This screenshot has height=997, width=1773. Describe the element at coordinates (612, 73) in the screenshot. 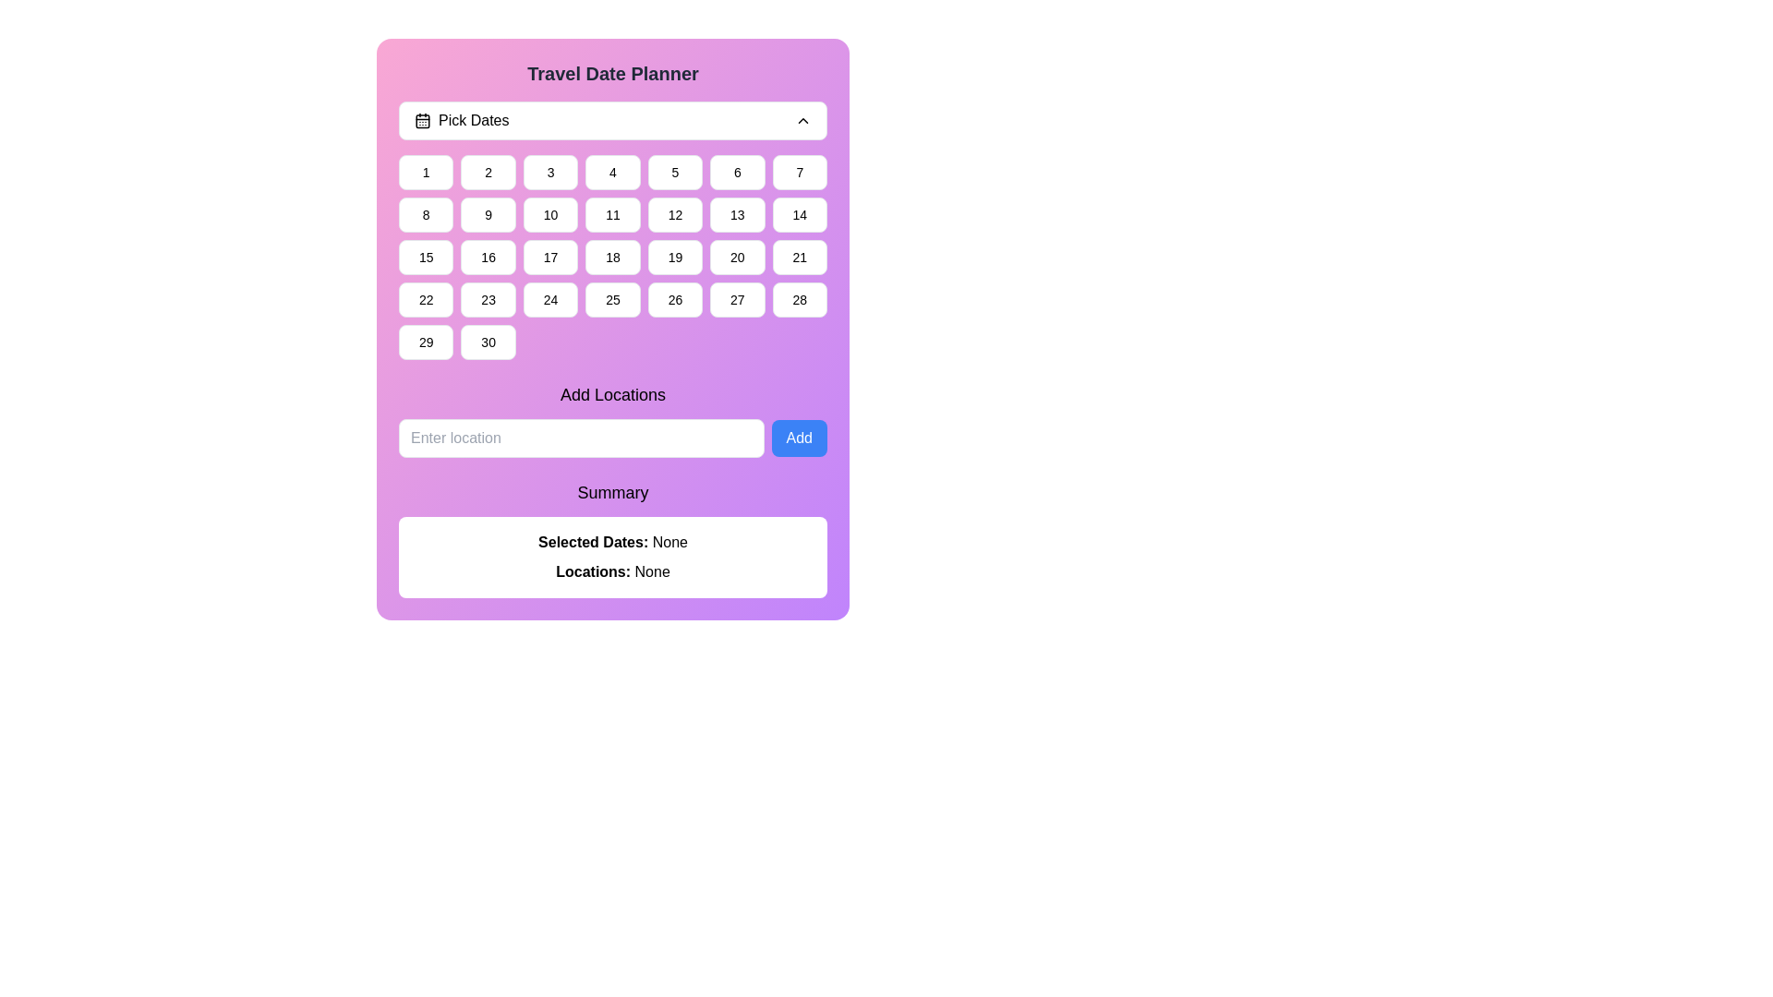

I see `heading text located at the top center of the application, which serves as the title or heading of the application` at that location.